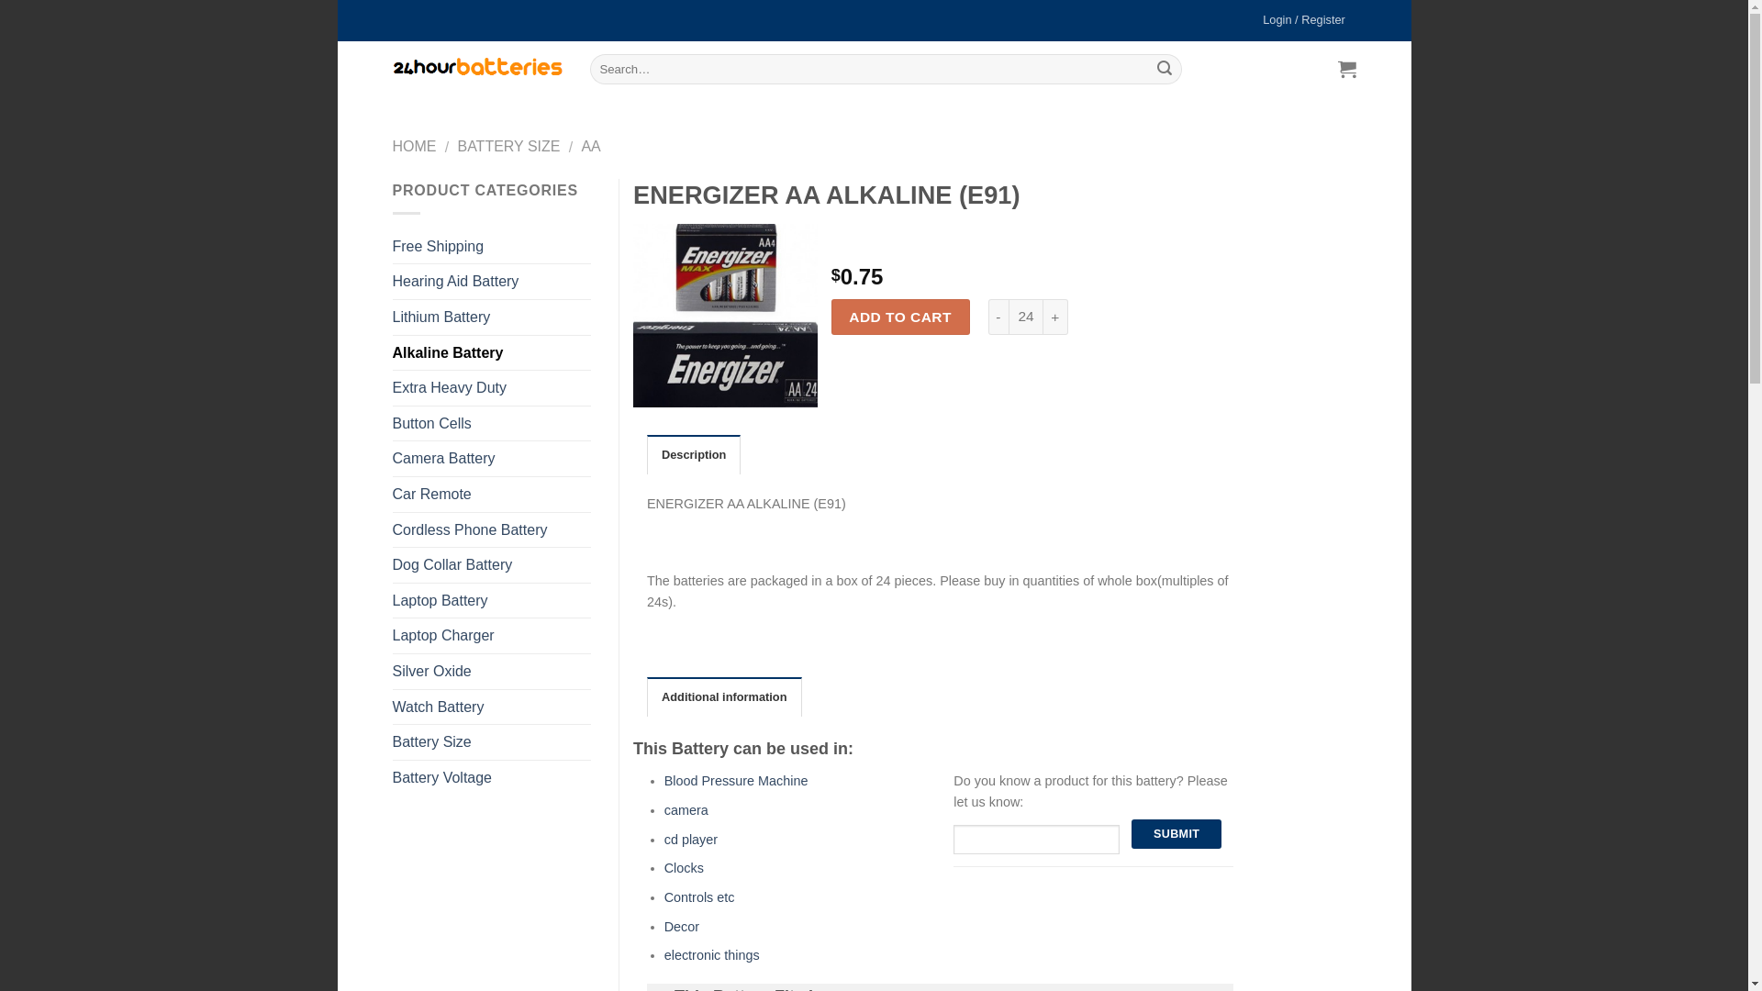 The image size is (1762, 991). What do you see at coordinates (492, 707) in the screenshot?
I see `'Watch Battery'` at bounding box center [492, 707].